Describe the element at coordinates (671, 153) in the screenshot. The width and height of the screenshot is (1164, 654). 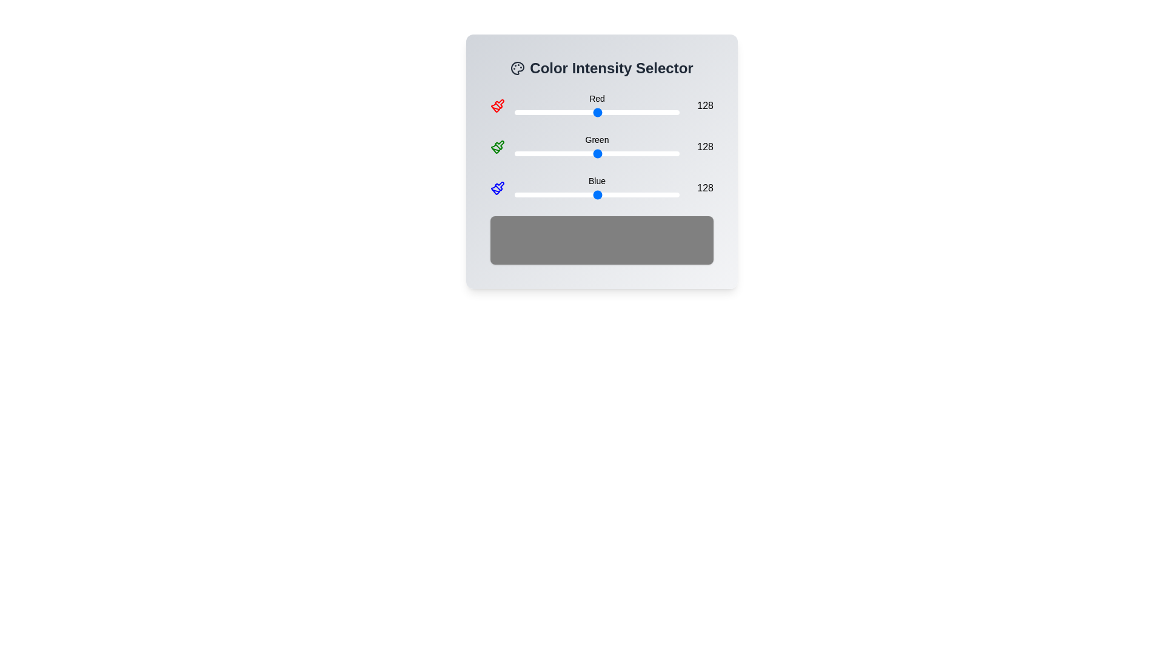
I see `the green intensity` at that location.